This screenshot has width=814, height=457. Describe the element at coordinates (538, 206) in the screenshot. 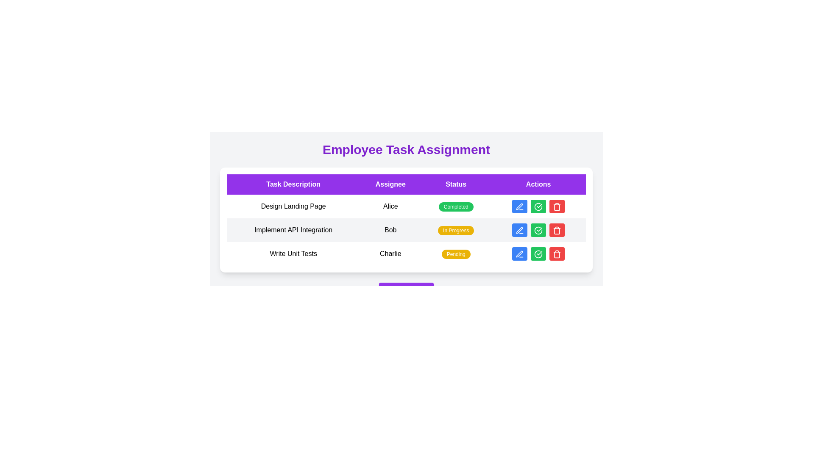

I see `the blue button with a pen icon in the group of interactive action buttons located in the 'Actions' column of the first row corresponding to the task 'Design Landing Page' assigned to 'Alice'` at that location.